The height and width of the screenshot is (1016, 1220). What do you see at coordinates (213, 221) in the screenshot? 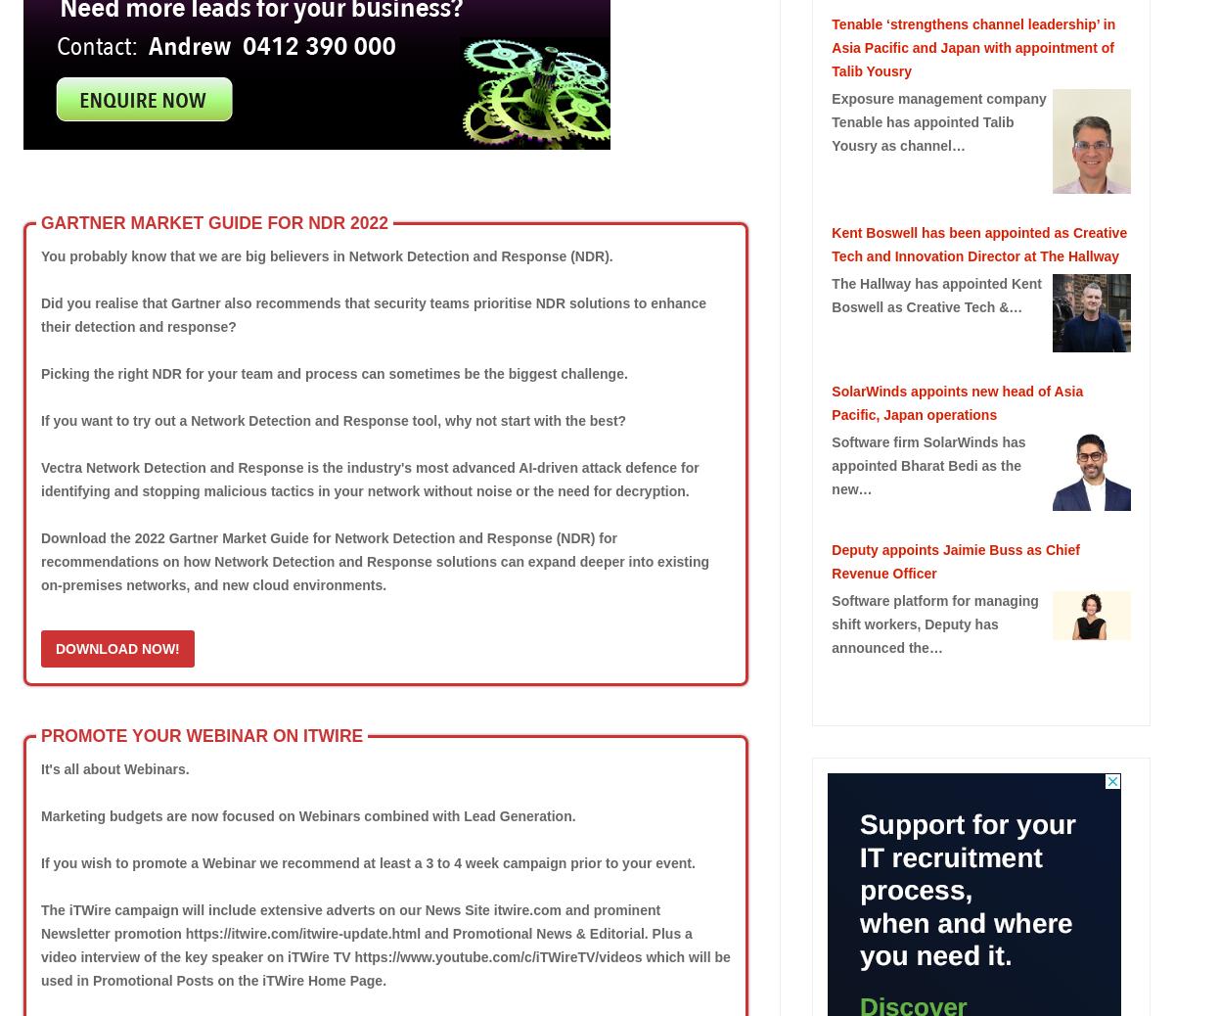
I see `'GARTNER MARKET GUIDE FOR NDR 2022'` at bounding box center [213, 221].